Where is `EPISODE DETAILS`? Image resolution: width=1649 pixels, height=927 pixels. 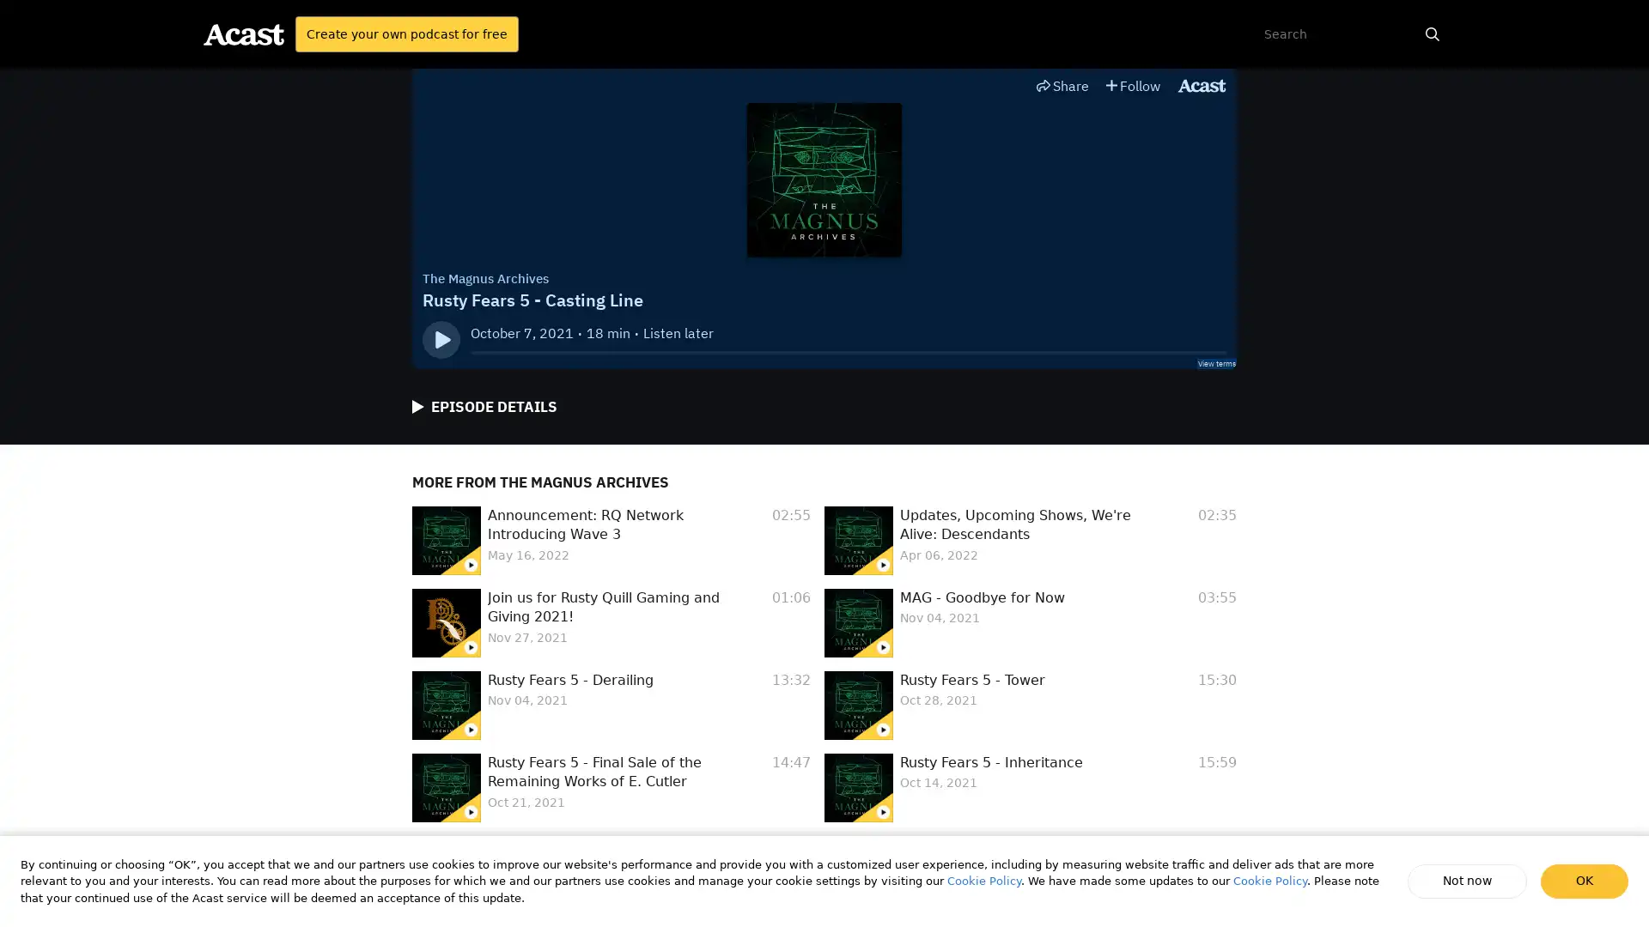 EPISODE DETAILS is located at coordinates (484, 407).